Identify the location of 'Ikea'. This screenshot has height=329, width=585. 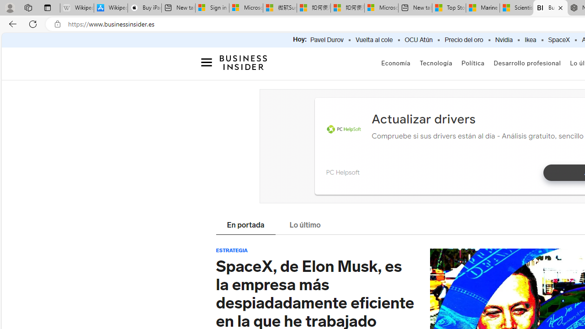
(530, 40).